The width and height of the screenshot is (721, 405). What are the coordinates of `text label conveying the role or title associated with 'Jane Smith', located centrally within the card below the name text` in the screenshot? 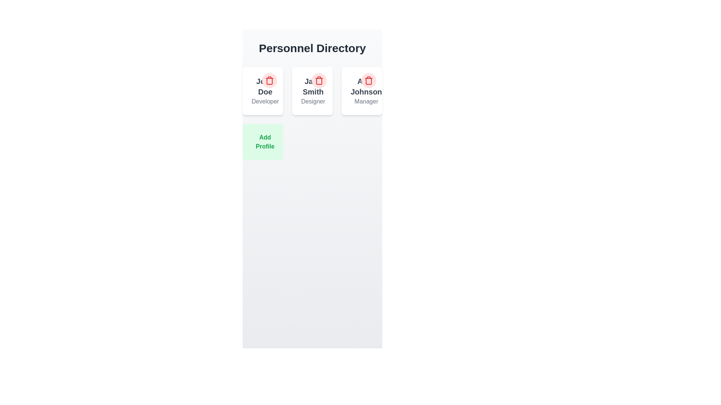 It's located at (313, 101).